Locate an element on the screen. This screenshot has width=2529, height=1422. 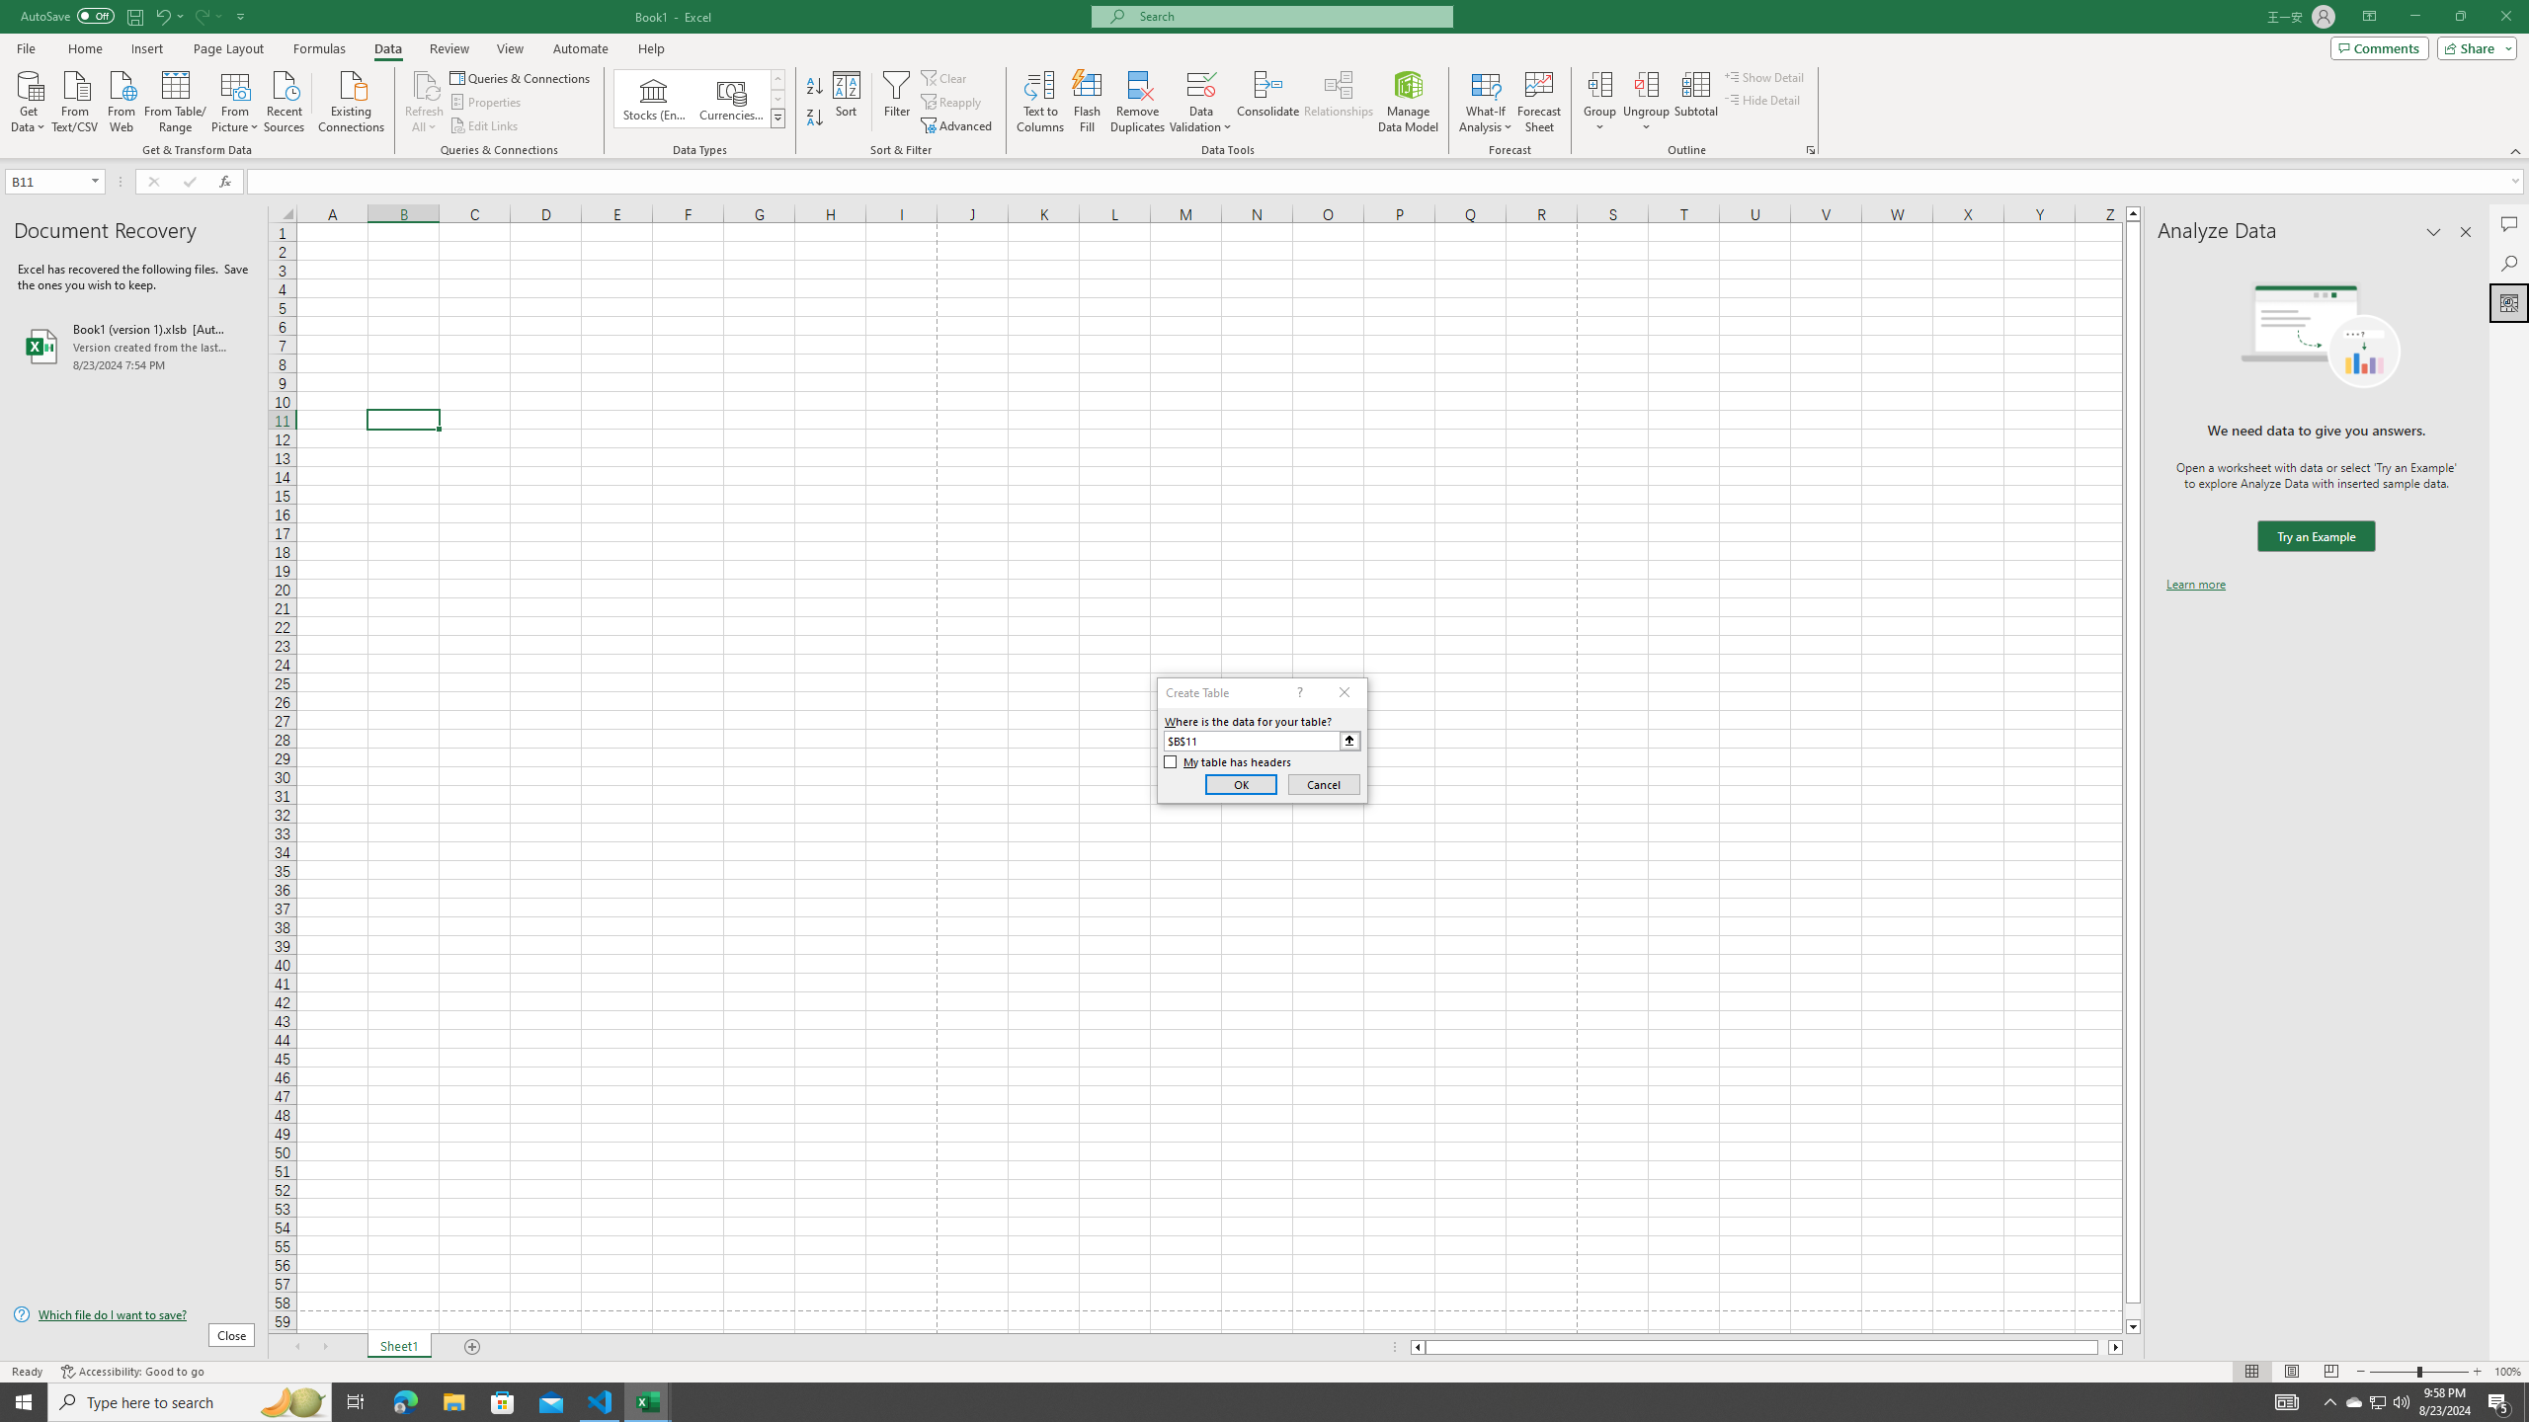
'Edit Links' is located at coordinates (484, 125).